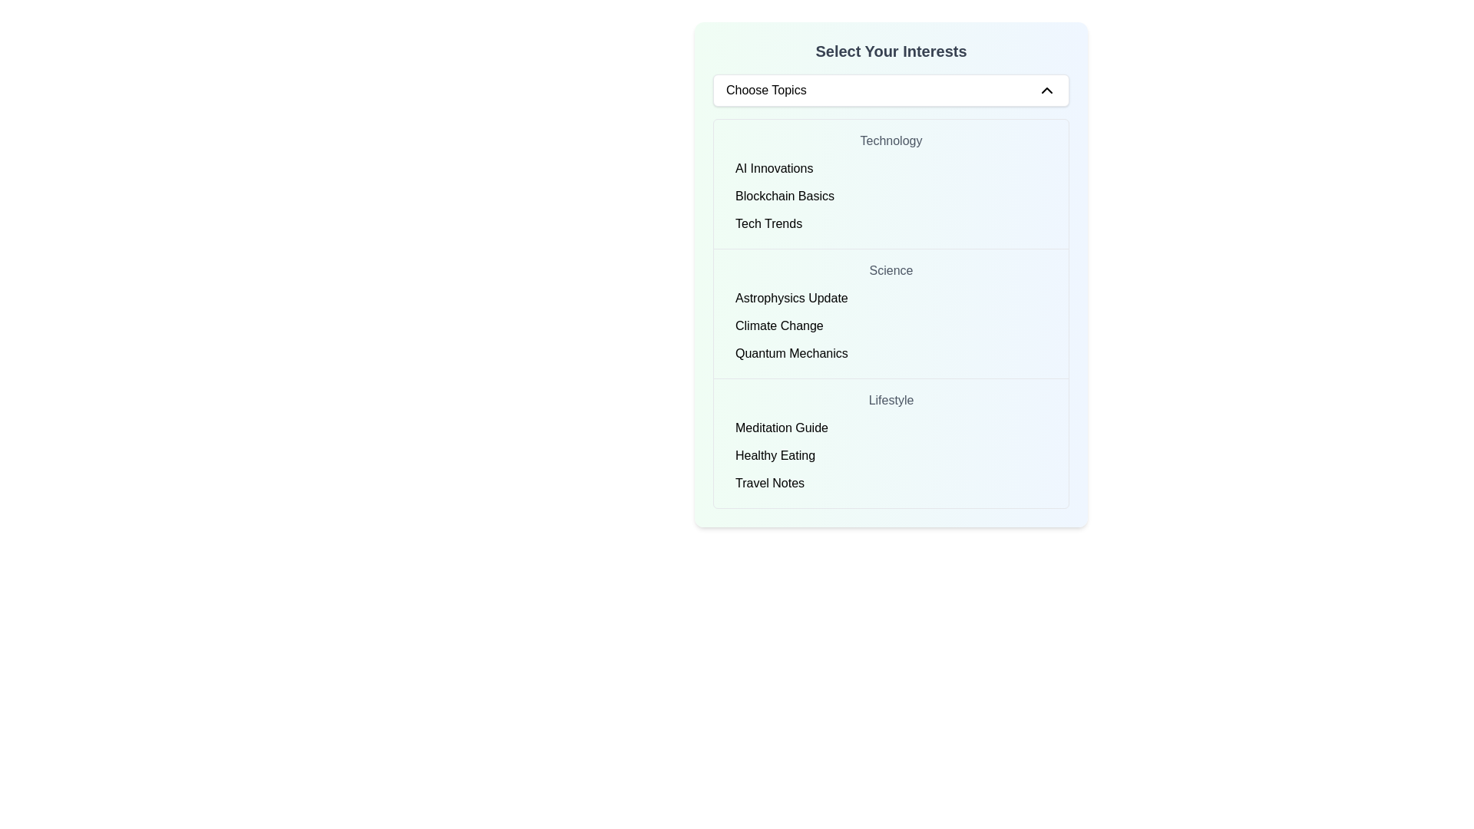  I want to click on the 'Travel Notes' entry, so click(770, 482).